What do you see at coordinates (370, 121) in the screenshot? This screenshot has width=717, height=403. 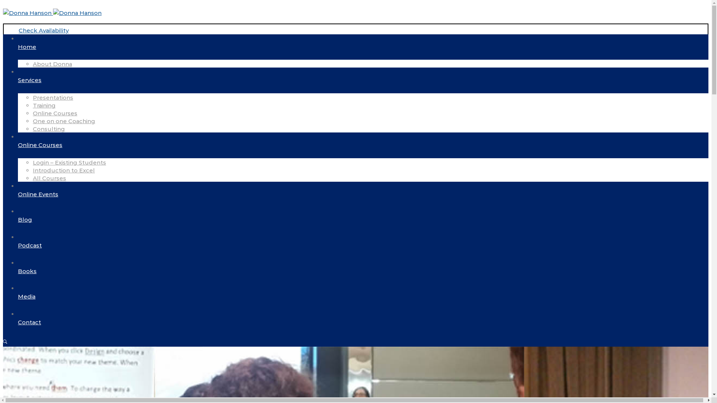 I see `'One on one Coaching'` at bounding box center [370, 121].